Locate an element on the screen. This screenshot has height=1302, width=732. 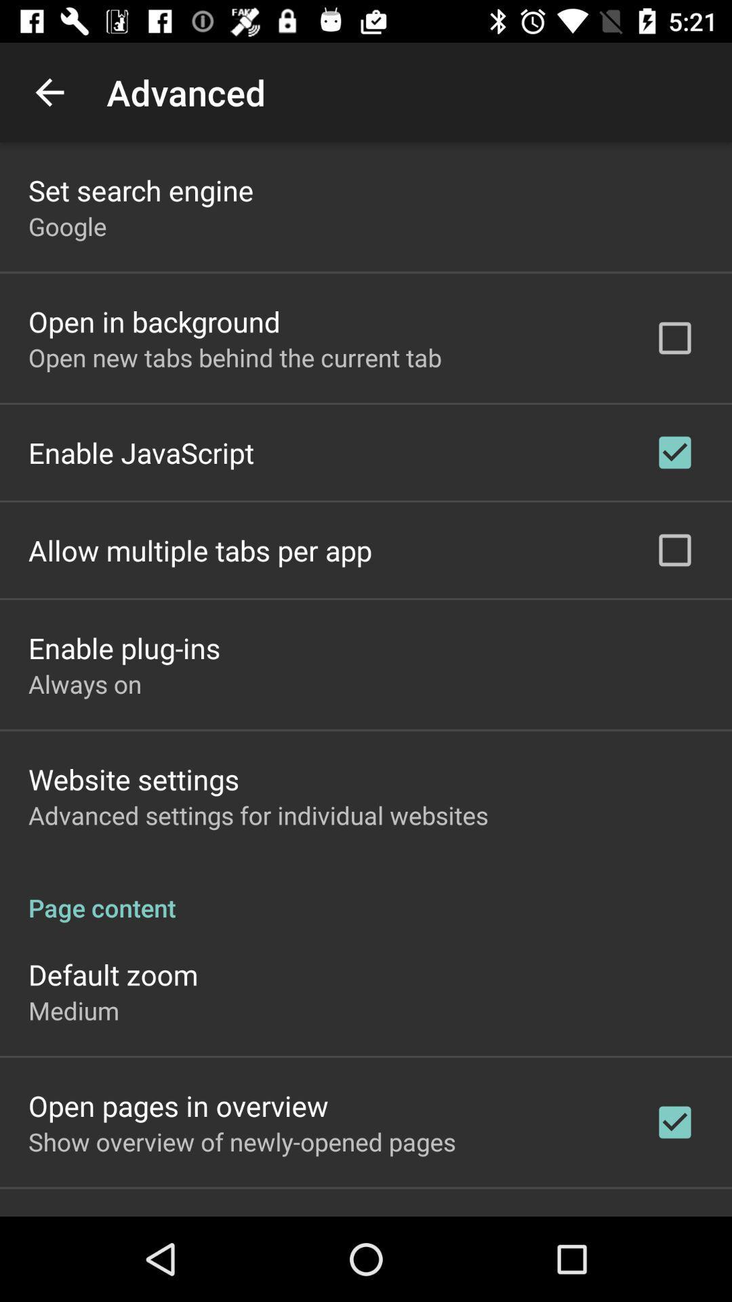
the enable javascript is located at coordinates (141, 452).